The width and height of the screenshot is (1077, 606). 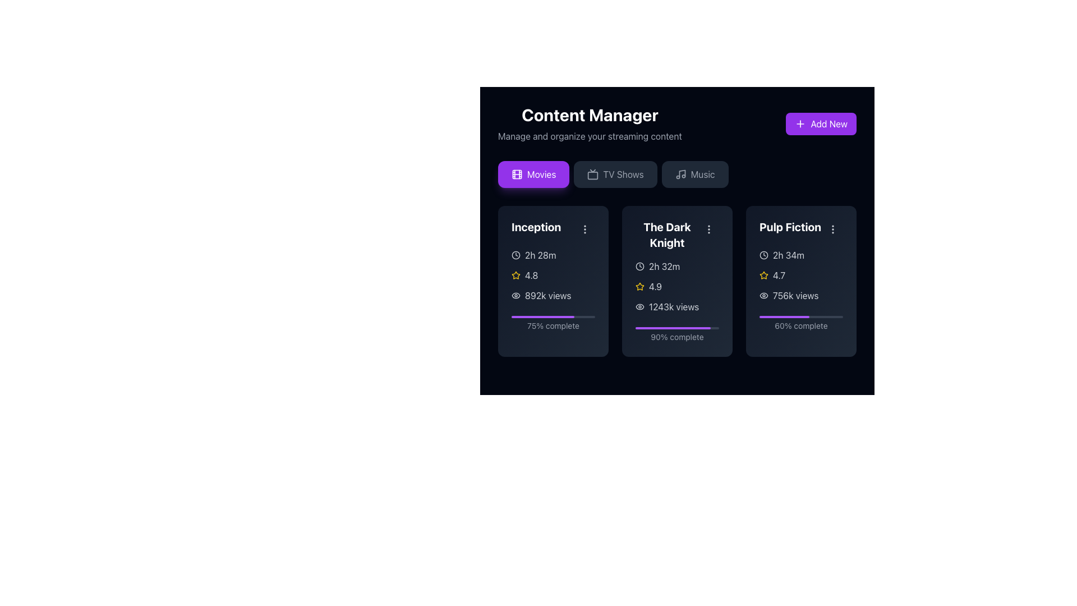 I want to click on the Icon button with tooltip functionality, which is a vertical ellipsis icon styled within a rounded button located in the top-right corner of 'The Dark Knight' section, so click(x=708, y=228).